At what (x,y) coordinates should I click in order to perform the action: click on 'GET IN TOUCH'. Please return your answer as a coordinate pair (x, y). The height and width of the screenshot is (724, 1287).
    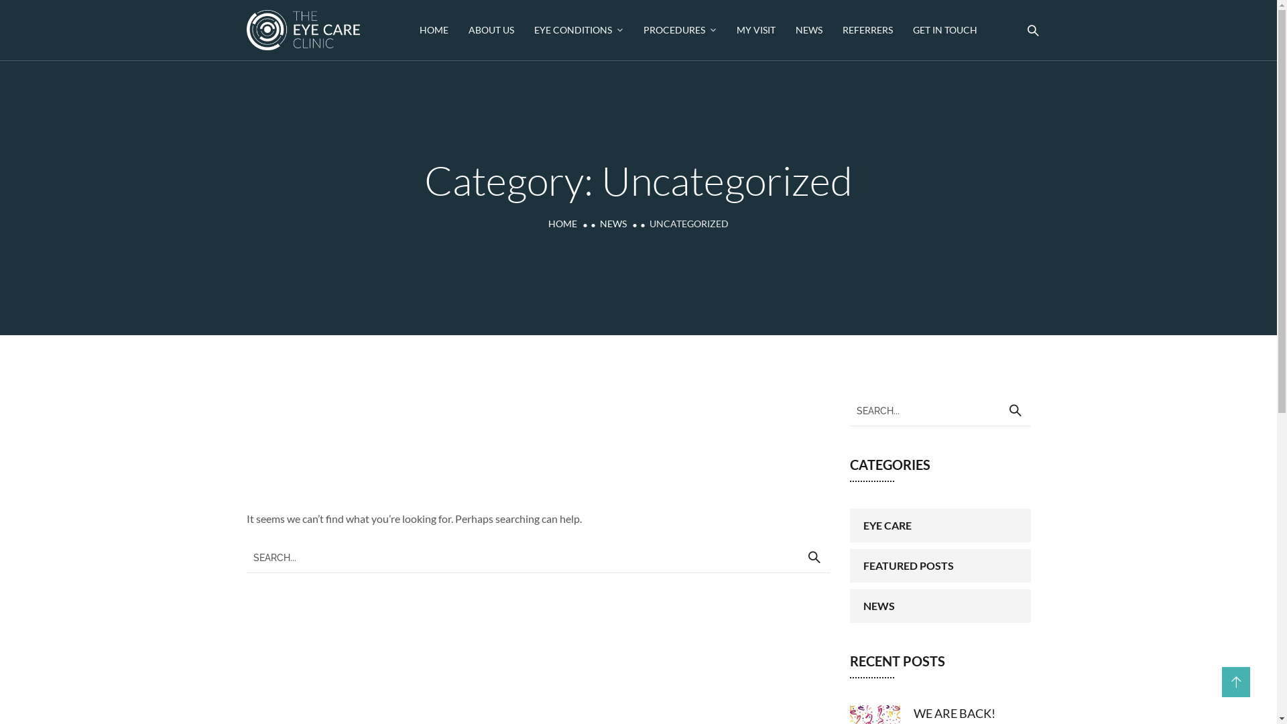
    Looking at the image, I should click on (944, 30).